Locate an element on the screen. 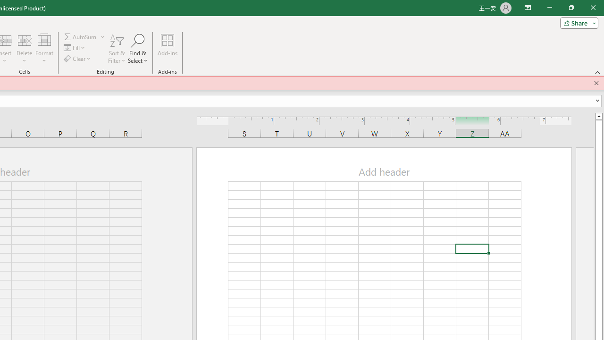 Image resolution: width=604 pixels, height=340 pixels. 'Format' is located at coordinates (44, 49).